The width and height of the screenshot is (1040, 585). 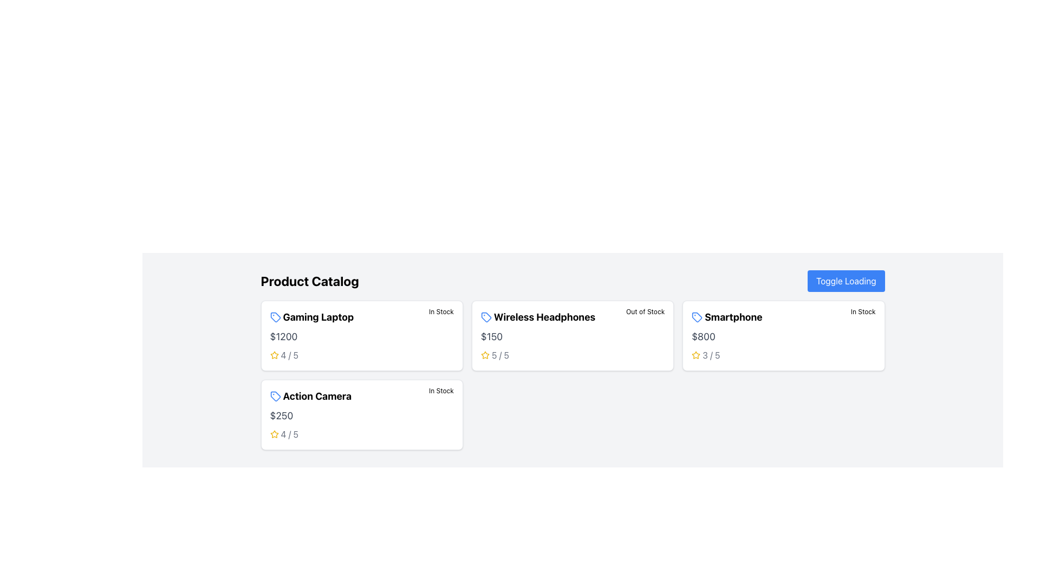 What do you see at coordinates (760, 317) in the screenshot?
I see `text element that serves as a title or label for the product, which contains the text 'Smartphone'` at bounding box center [760, 317].